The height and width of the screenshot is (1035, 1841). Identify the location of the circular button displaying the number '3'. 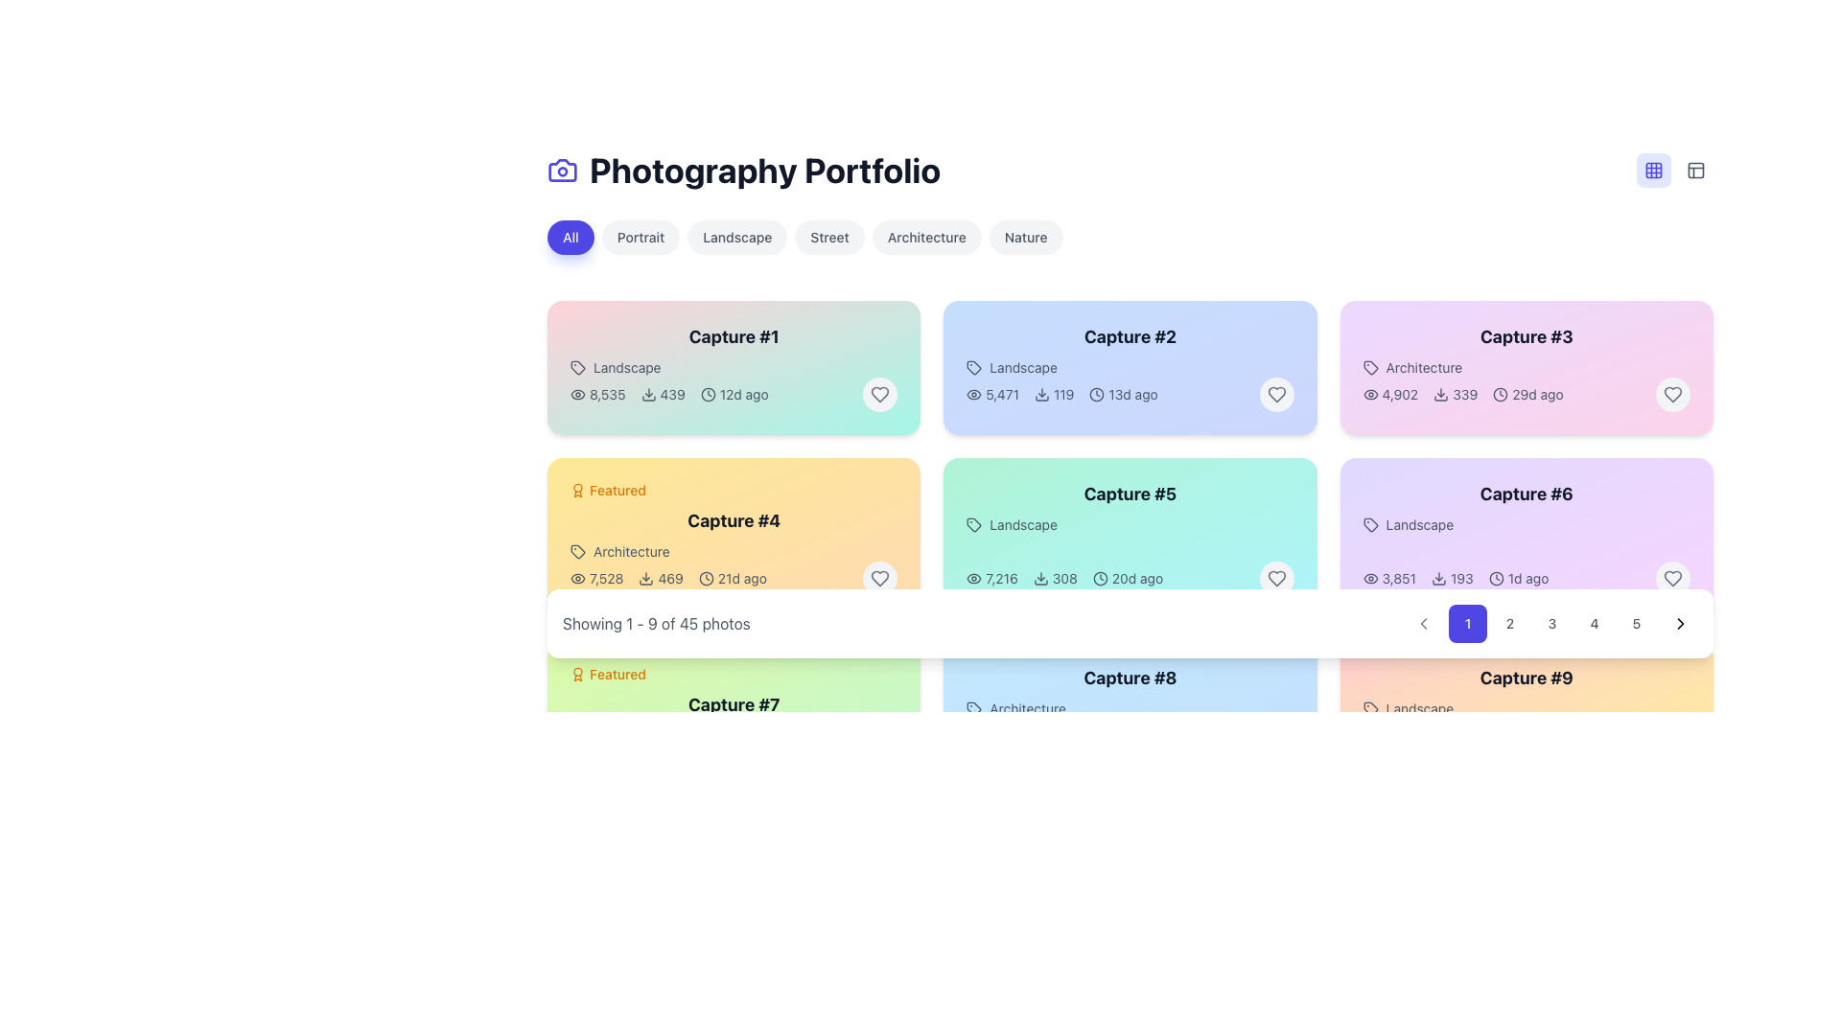
(1551, 624).